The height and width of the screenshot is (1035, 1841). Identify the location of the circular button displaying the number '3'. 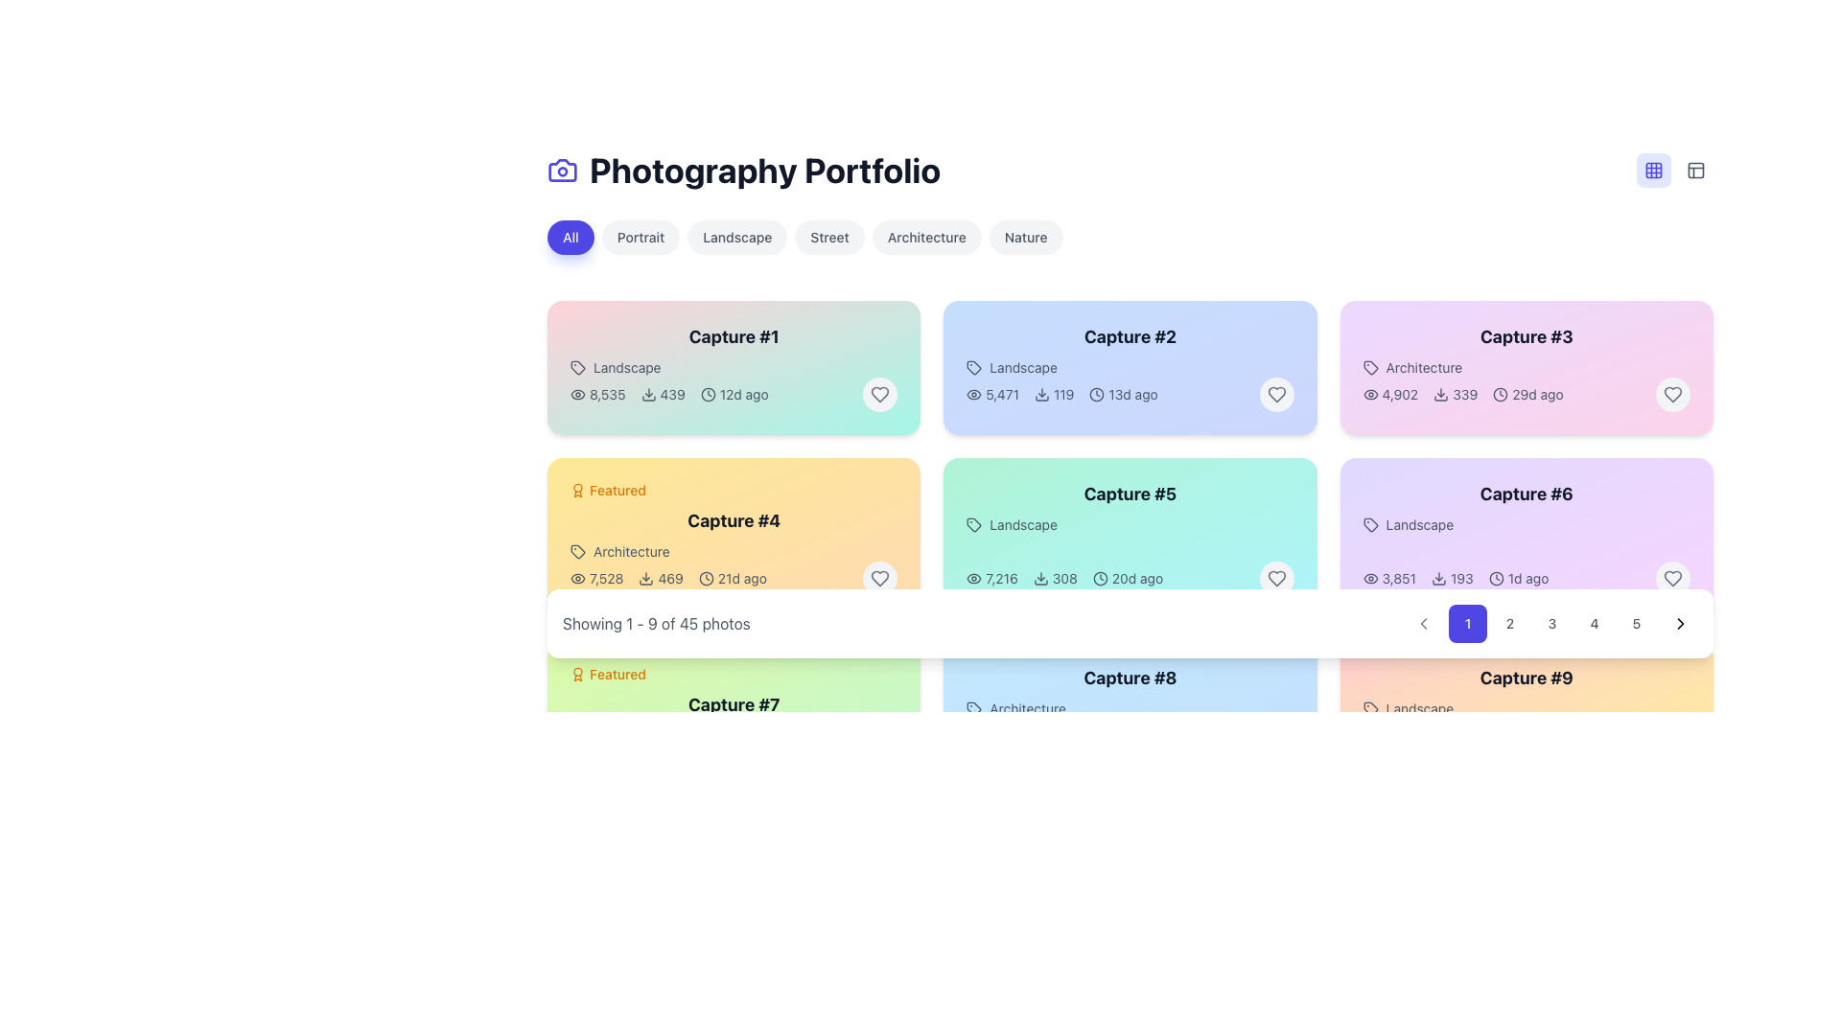
(1551, 624).